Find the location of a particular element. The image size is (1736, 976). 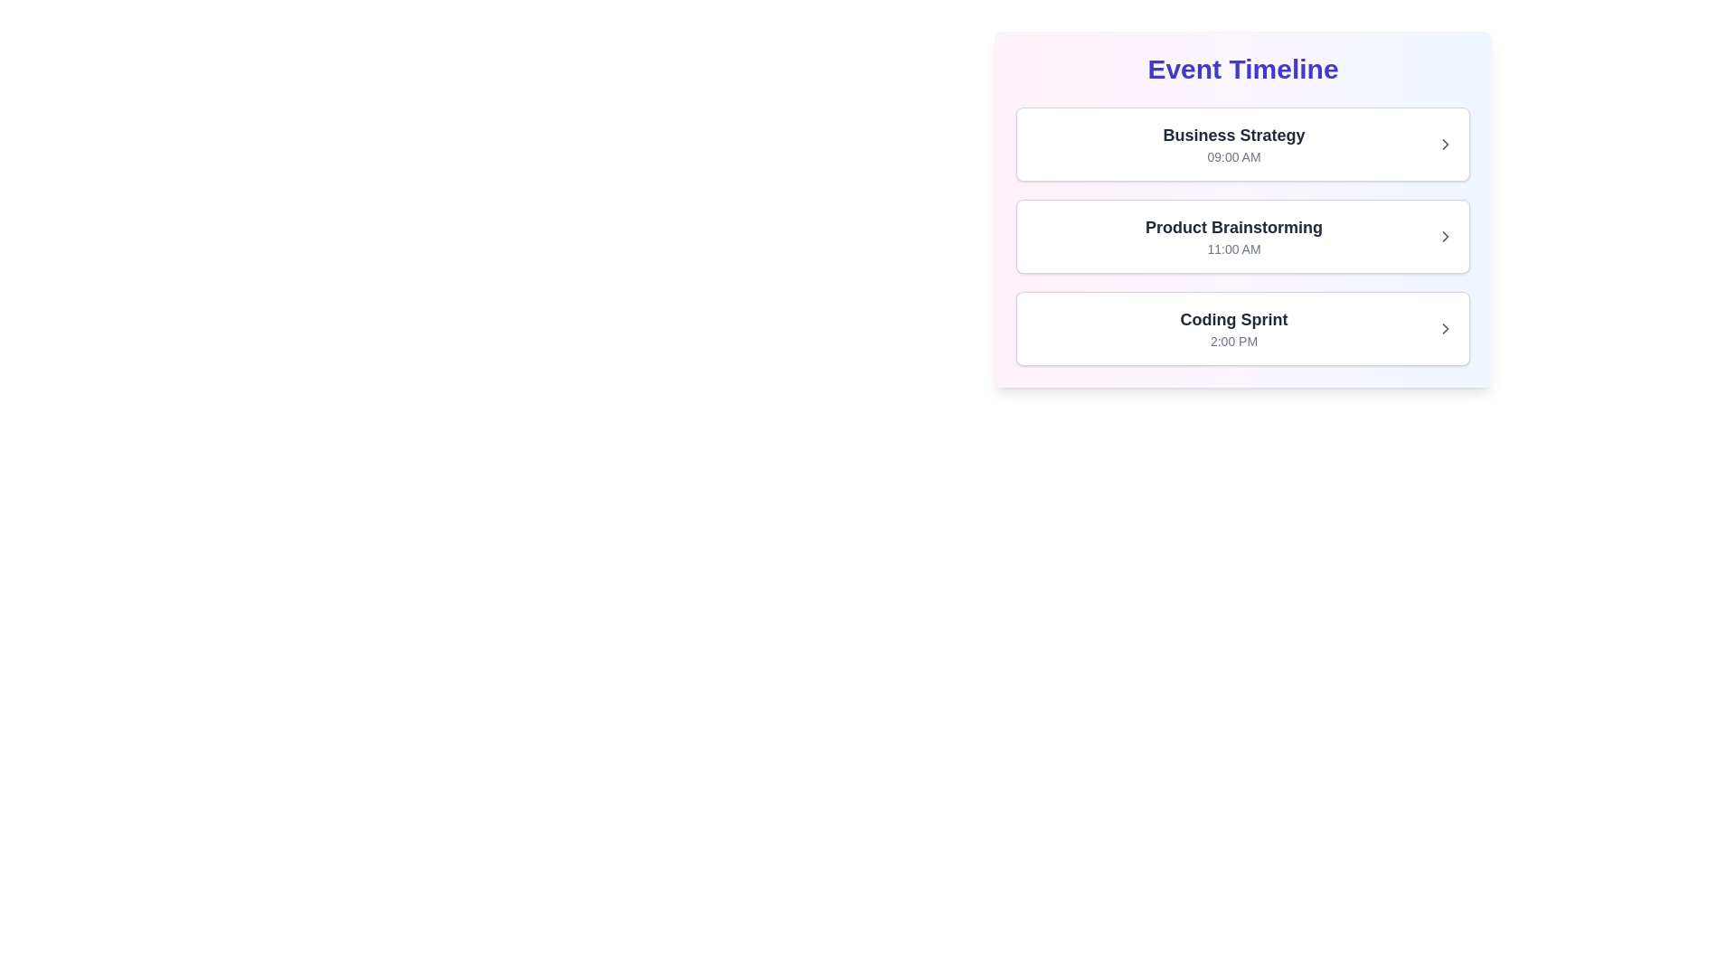

the Chevron navigation icon located is located at coordinates (1444, 143).